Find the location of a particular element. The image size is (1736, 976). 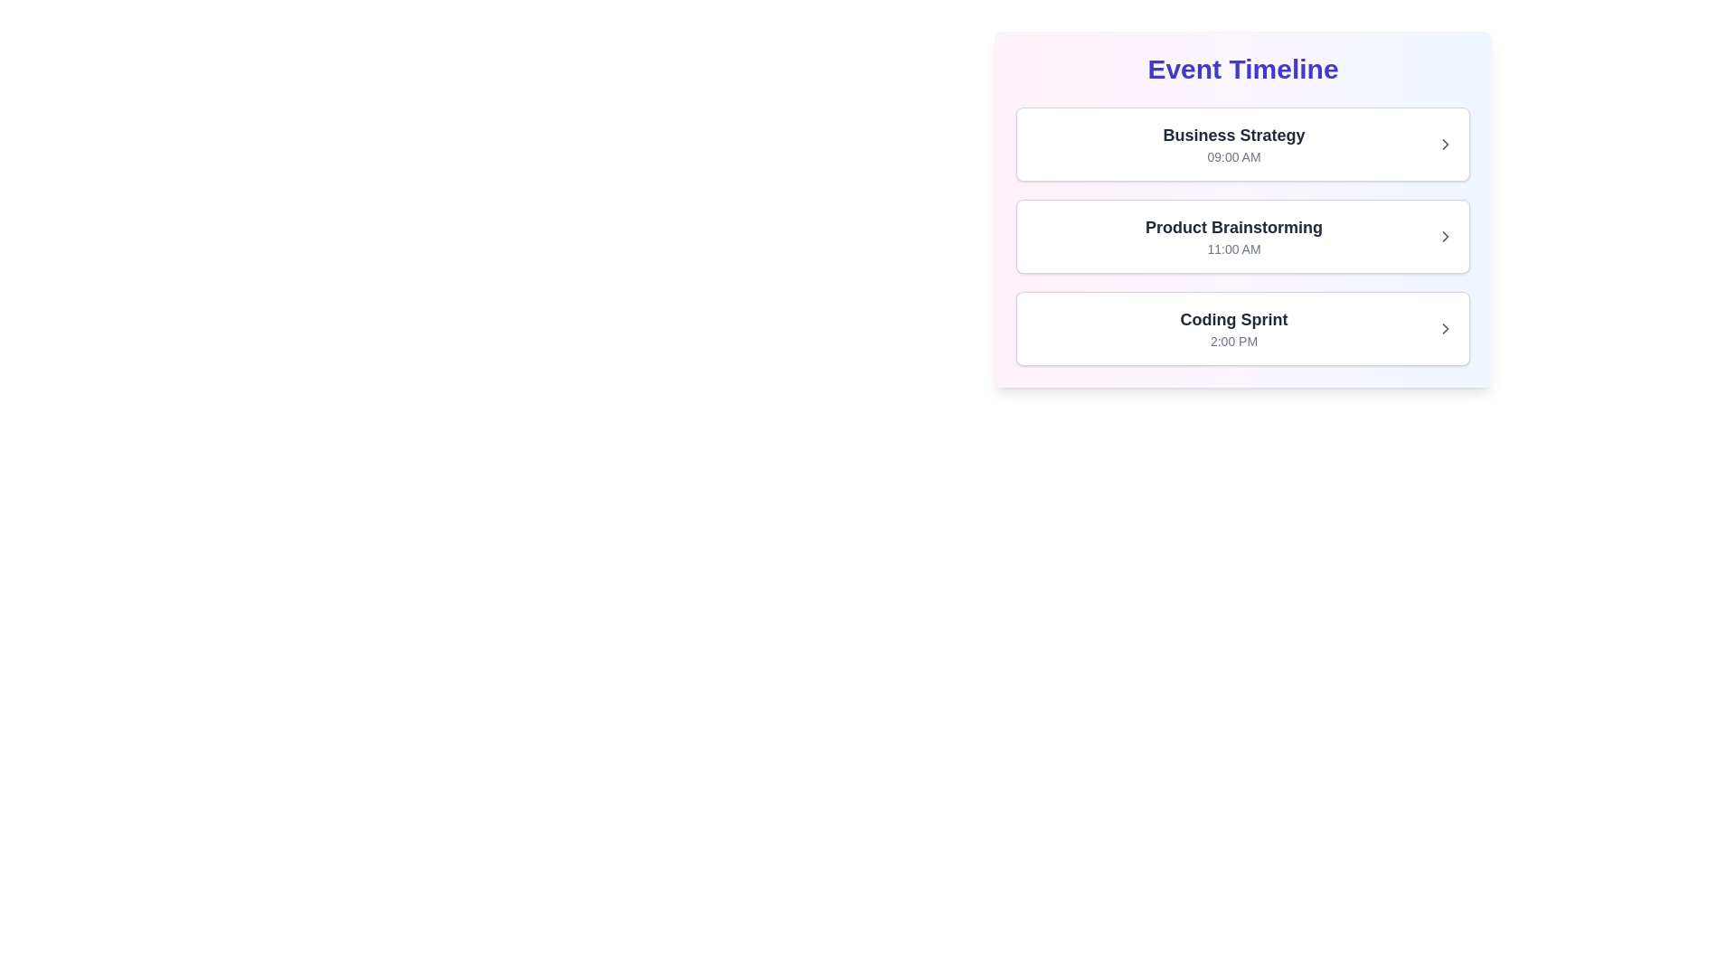

the Chevron navigation icon located is located at coordinates (1444, 143).